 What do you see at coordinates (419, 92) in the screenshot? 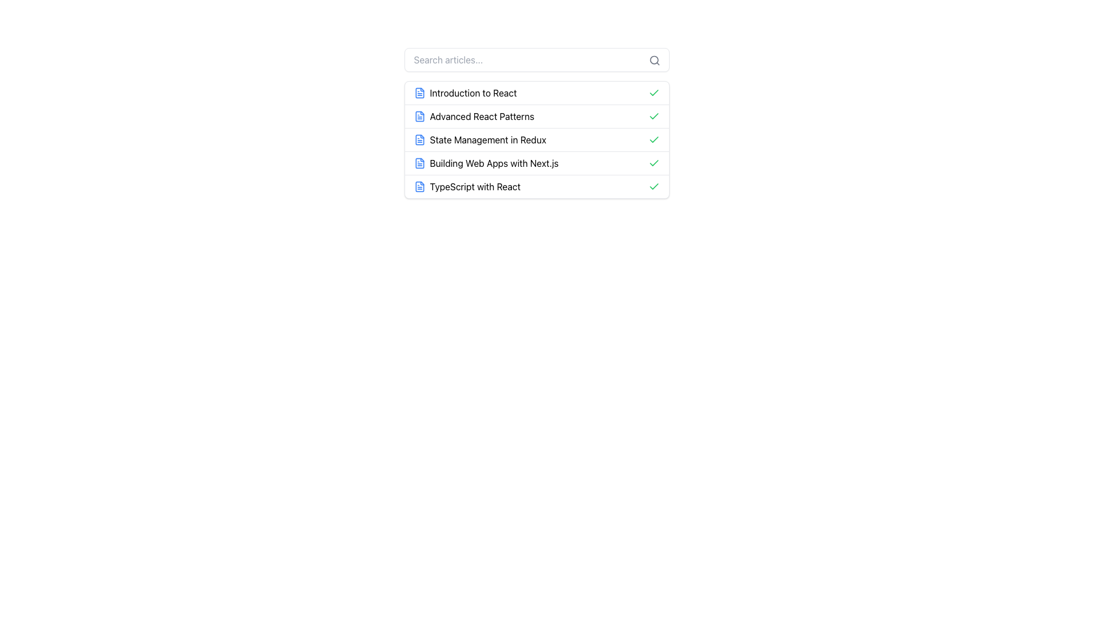
I see `the icon associated with the 'Introduction to React' document entry` at bounding box center [419, 92].